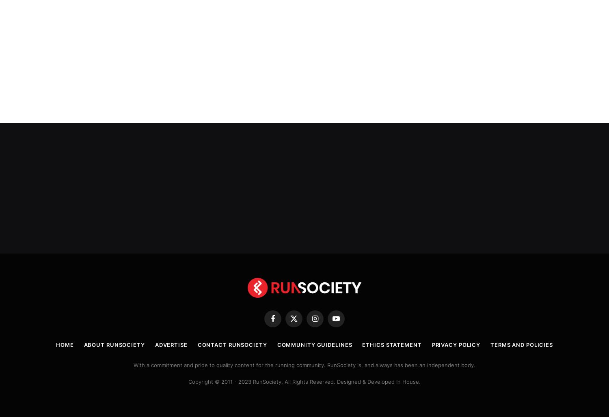 Image resolution: width=609 pixels, height=417 pixels. What do you see at coordinates (522, 343) in the screenshot?
I see `'Terms and Policies'` at bounding box center [522, 343].